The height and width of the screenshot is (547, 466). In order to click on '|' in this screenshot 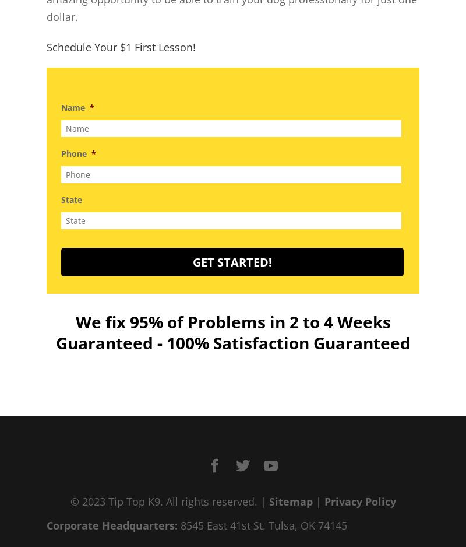, I will do `click(318, 500)`.